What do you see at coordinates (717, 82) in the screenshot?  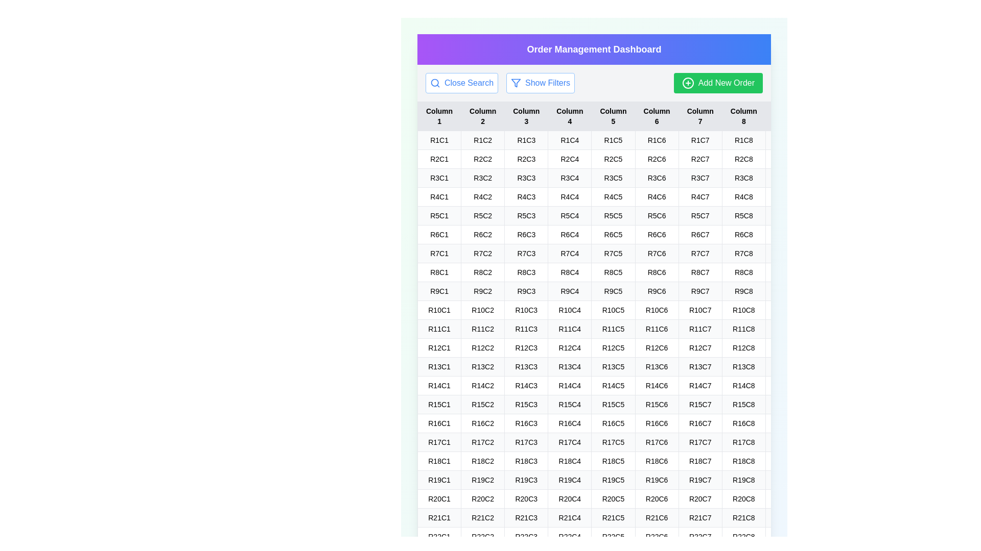 I see `the 'Add New Order' button` at bounding box center [717, 82].